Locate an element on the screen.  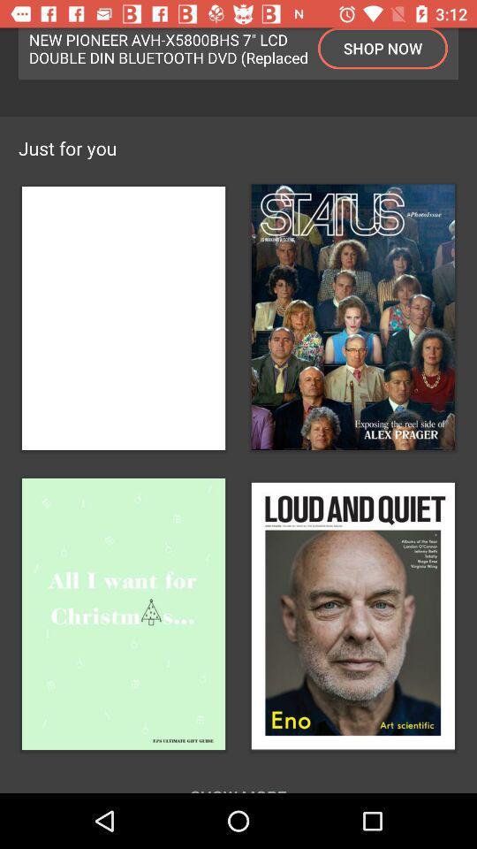
item above just for you item is located at coordinates (382, 47).